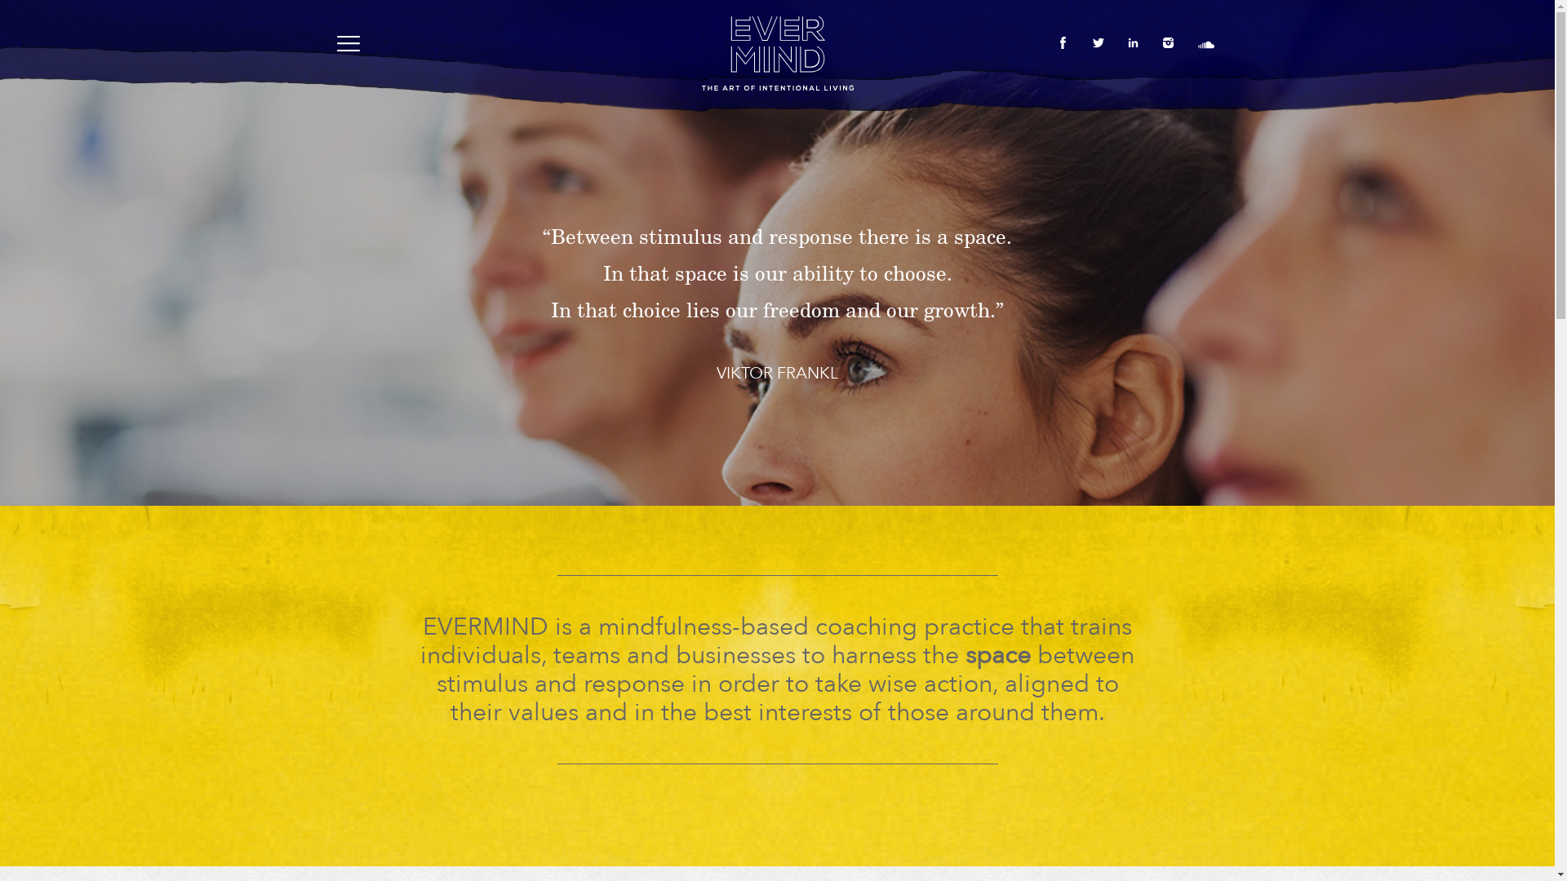 This screenshot has width=1567, height=881. Describe the element at coordinates (1161, 42) in the screenshot. I see `'instagram'` at that location.